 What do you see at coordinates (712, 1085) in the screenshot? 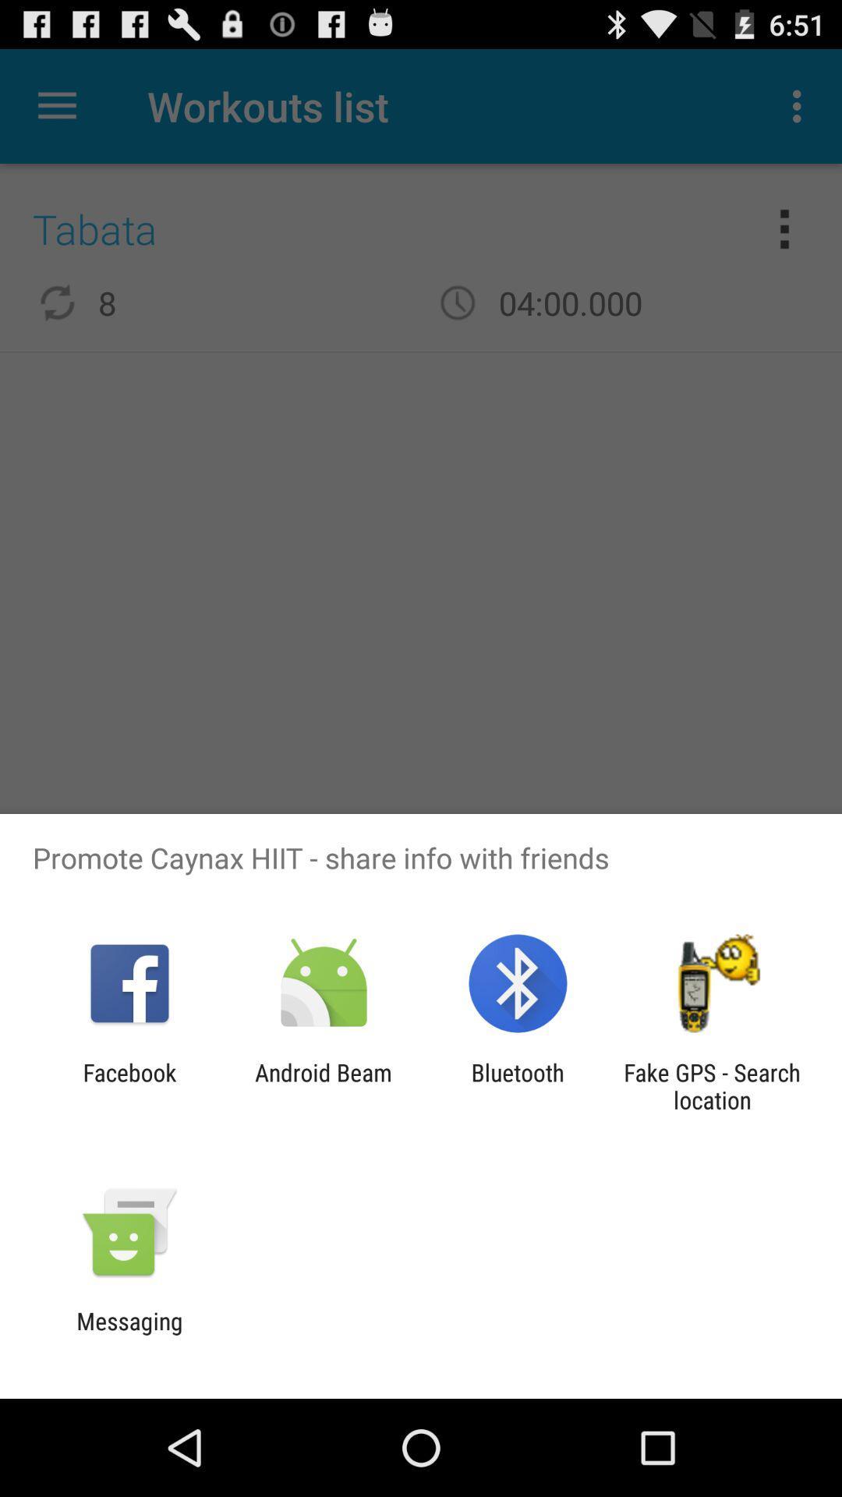
I see `item at the bottom right corner` at bounding box center [712, 1085].